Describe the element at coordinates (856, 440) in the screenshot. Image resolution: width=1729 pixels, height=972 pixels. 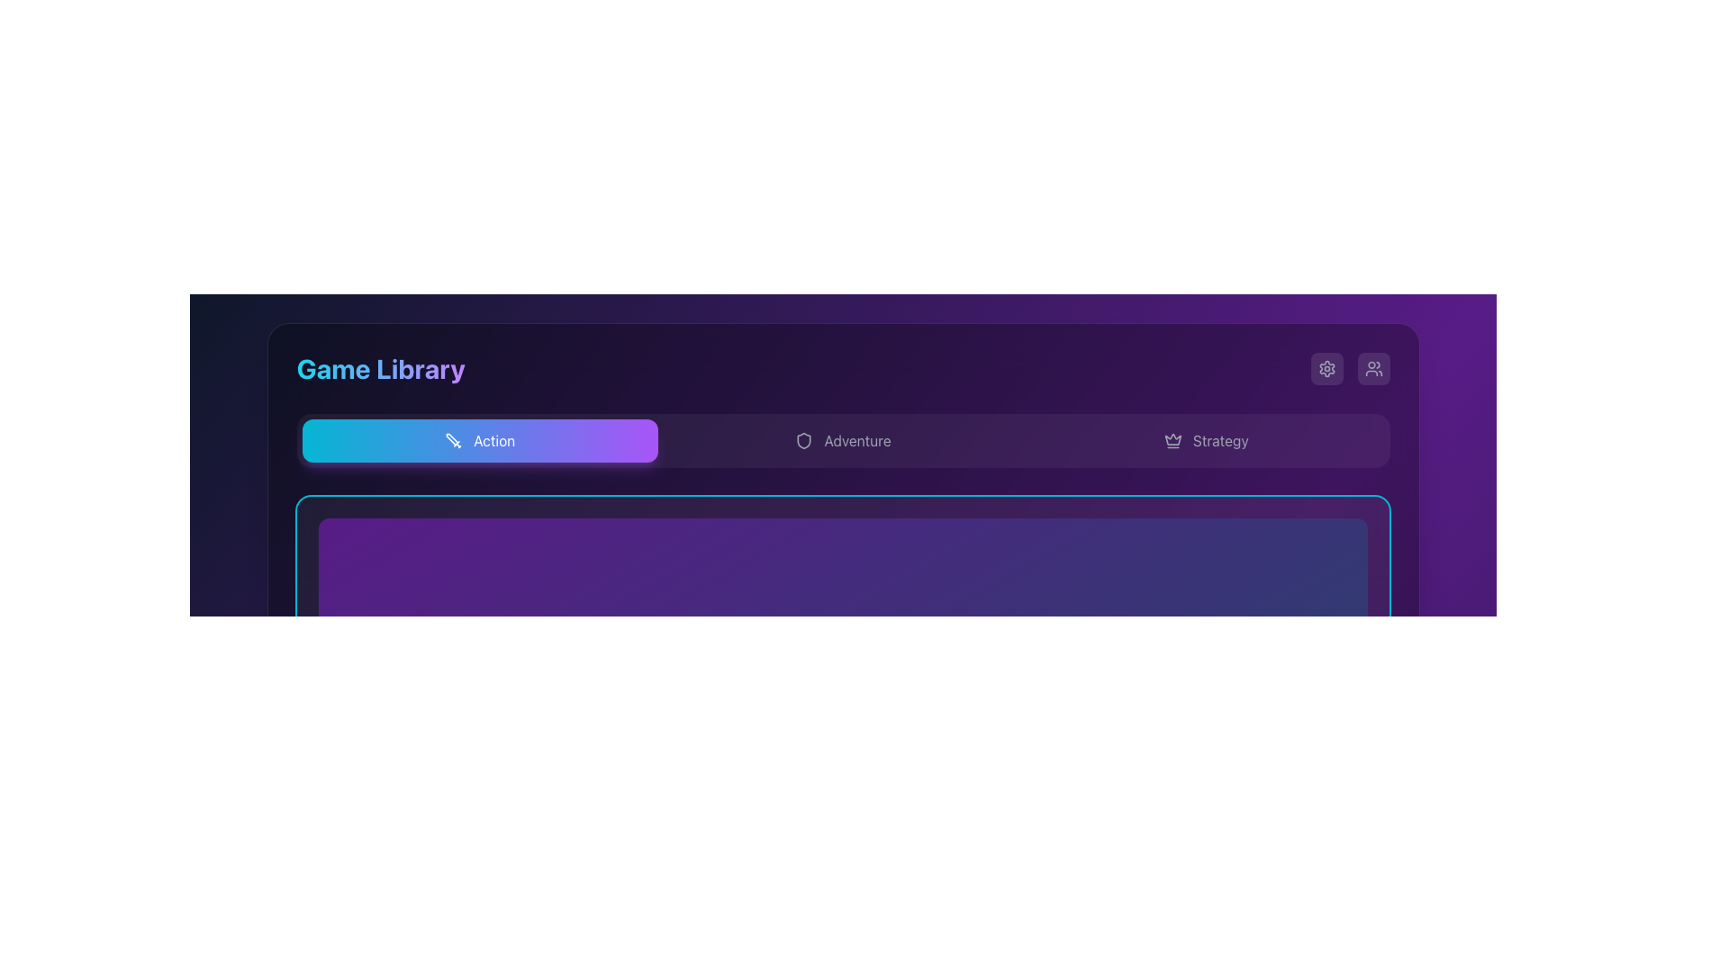
I see `the 'Adventure' label in the navigation bar` at that location.